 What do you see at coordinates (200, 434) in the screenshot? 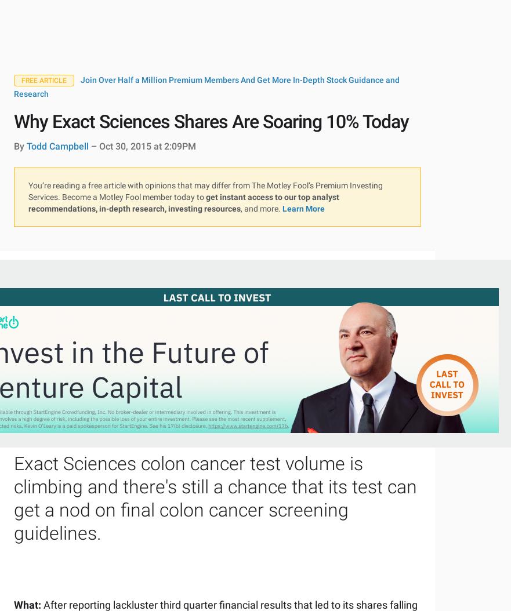
I see `'Calculated by average return of all stock recommendations since inception of the Stock Advisor service in February of 2002. Returns as of 11/08/2023.'` at bounding box center [200, 434].